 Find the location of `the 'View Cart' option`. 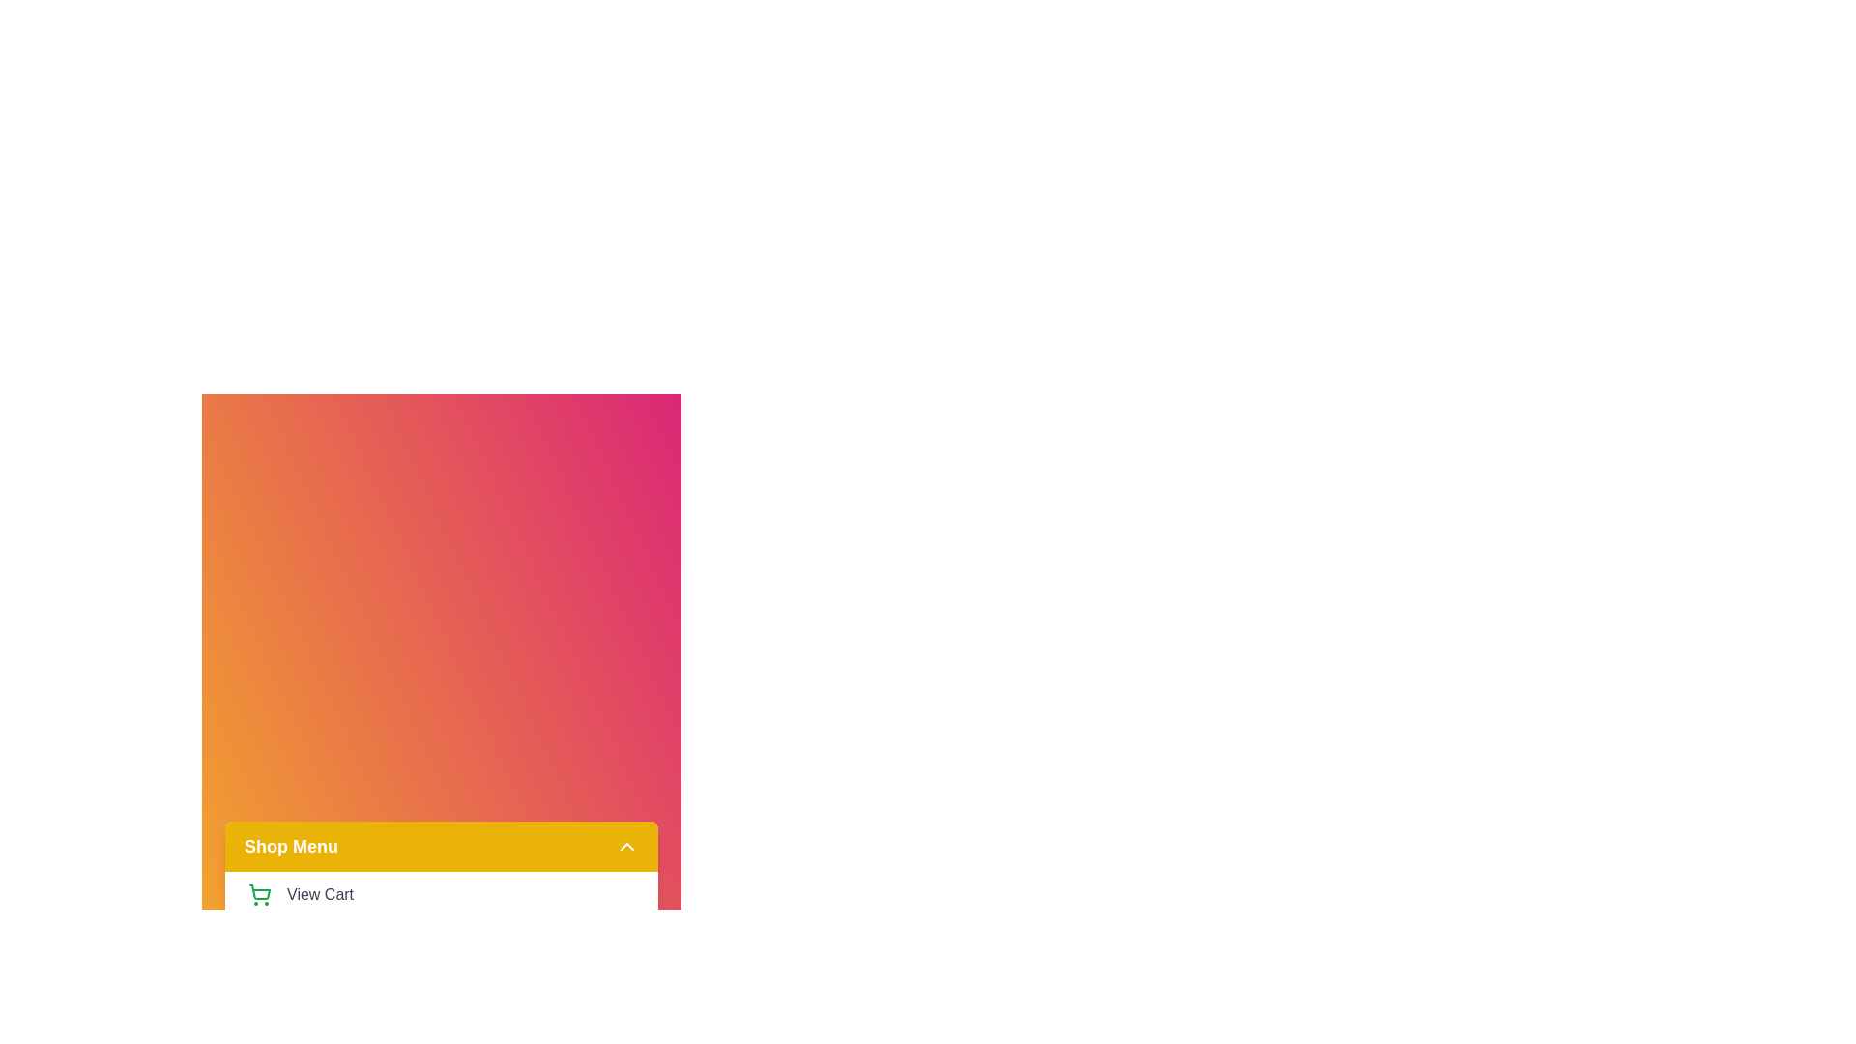

the 'View Cart' option is located at coordinates (440, 894).